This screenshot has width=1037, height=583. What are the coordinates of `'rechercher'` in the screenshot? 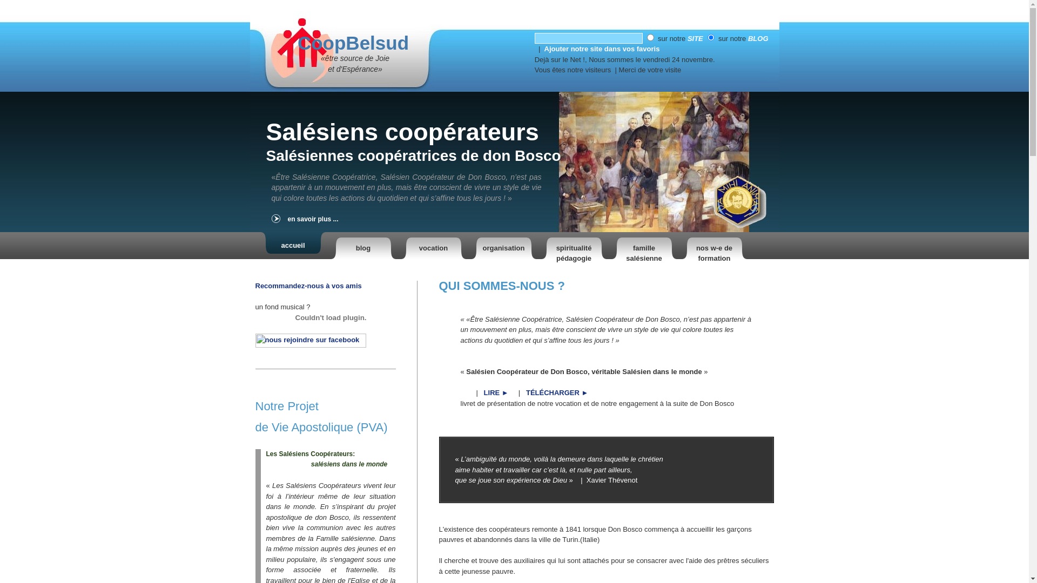 It's located at (588, 37).